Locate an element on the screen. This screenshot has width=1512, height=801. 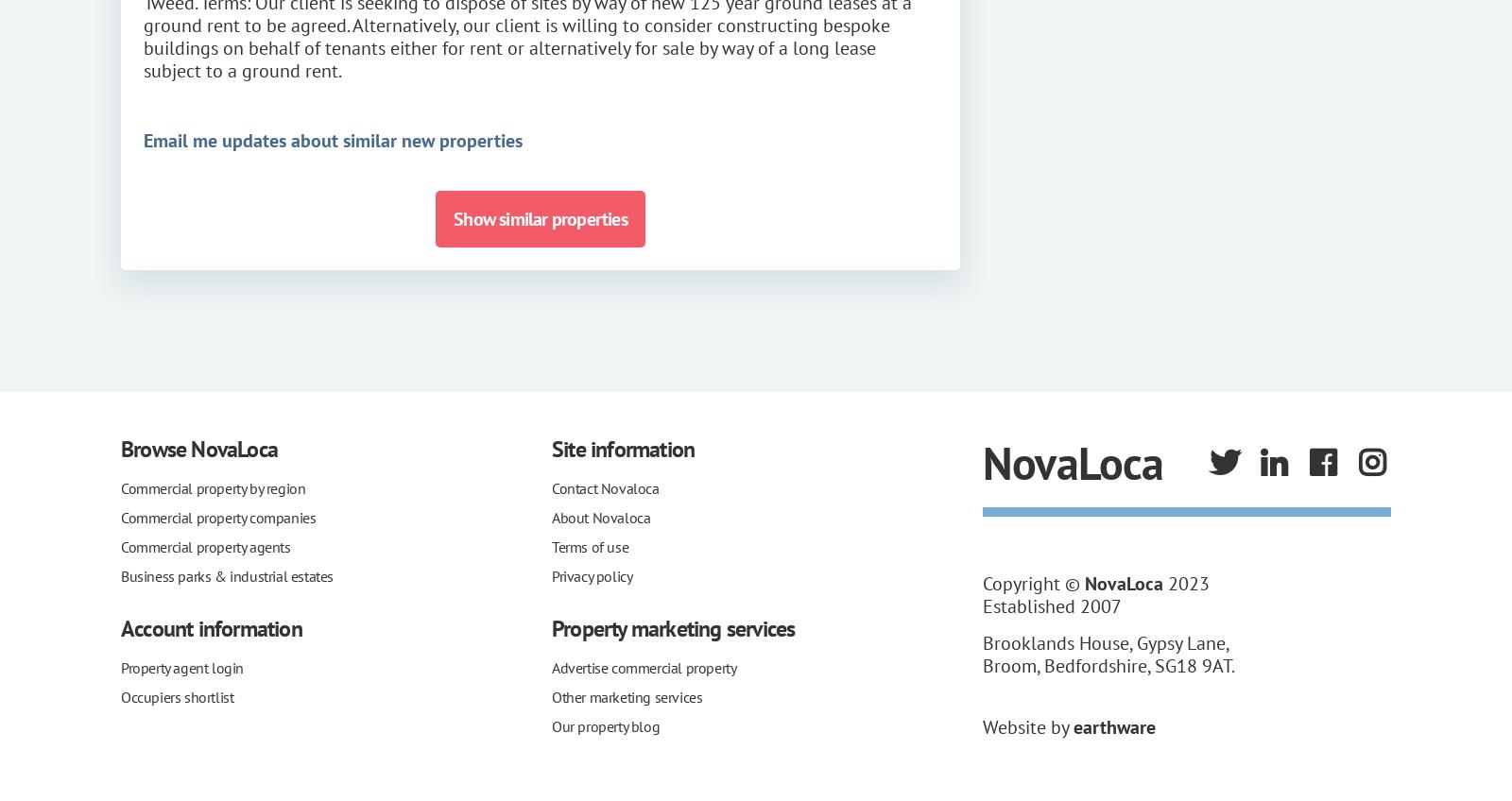
'Broom, Bedfordshire, SG18 9AT.' is located at coordinates (1108, 665).